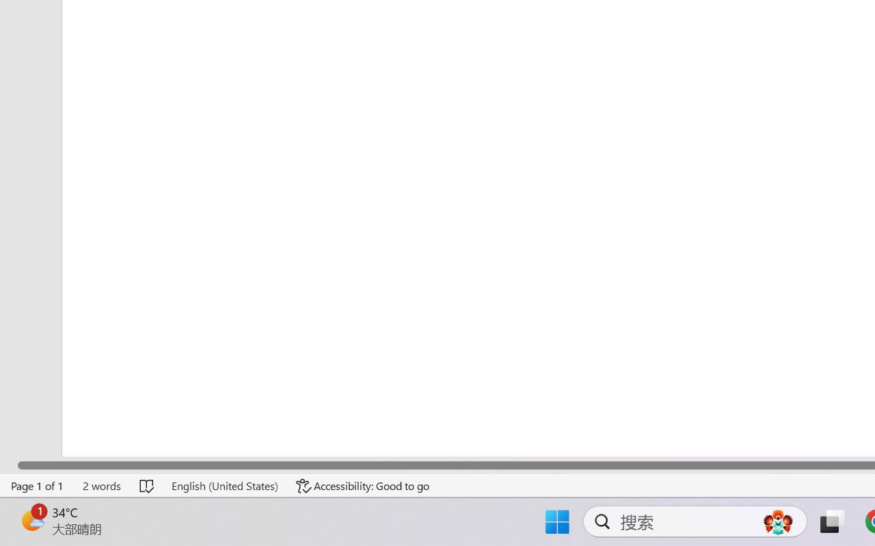  Describe the element at coordinates (38, 485) in the screenshot. I see `'Page Number Page 1 of 1'` at that location.